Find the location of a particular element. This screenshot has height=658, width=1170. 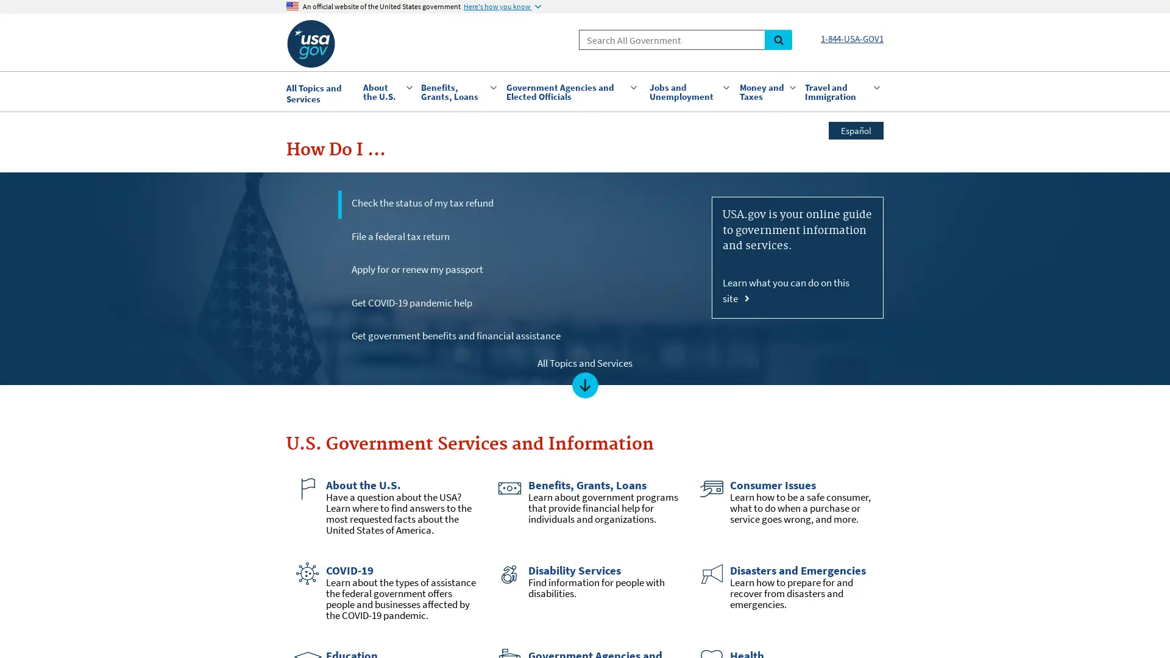

Here's how you know is located at coordinates (502, 7).